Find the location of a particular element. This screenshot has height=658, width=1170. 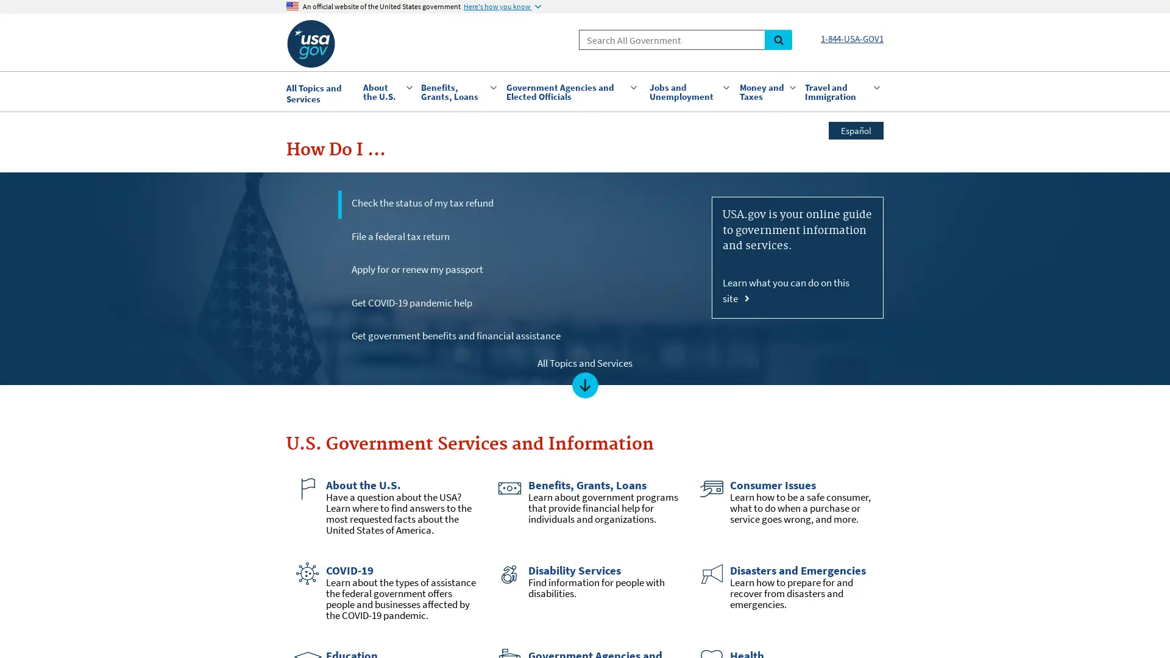

Here's how you know is located at coordinates (502, 7).